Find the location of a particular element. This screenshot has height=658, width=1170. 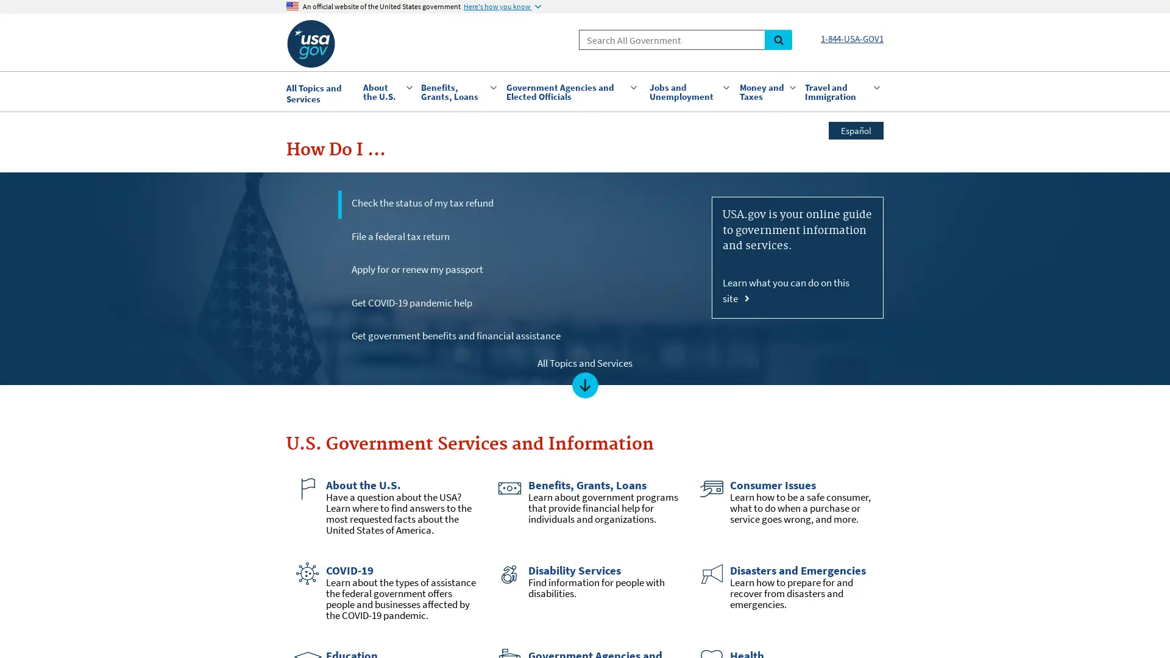

Here's how you know is located at coordinates (502, 7).